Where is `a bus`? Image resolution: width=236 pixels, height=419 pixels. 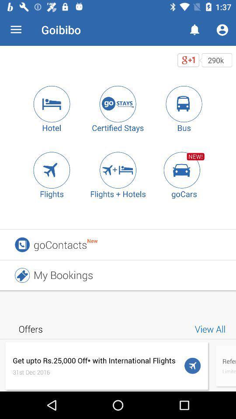
a bus is located at coordinates (184, 104).